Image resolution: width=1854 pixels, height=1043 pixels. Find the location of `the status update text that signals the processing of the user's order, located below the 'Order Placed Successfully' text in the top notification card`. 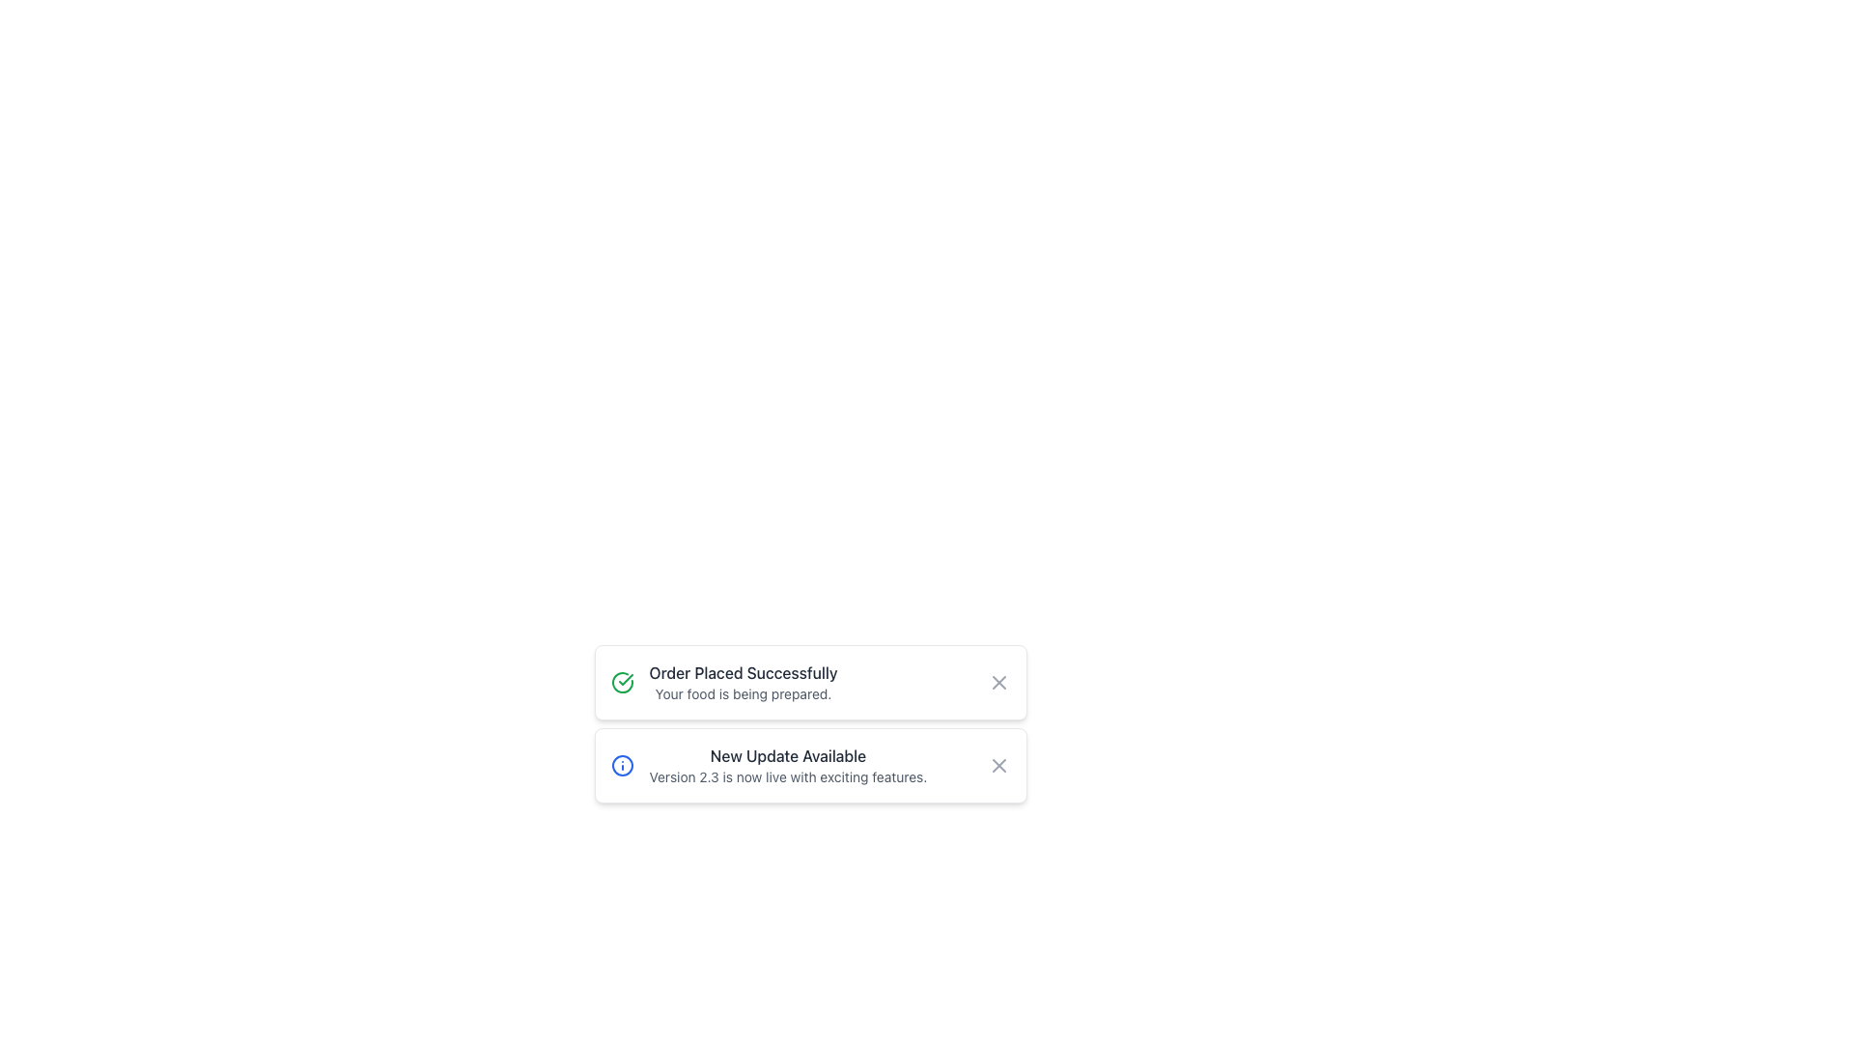

the status update text that signals the processing of the user's order, located below the 'Order Placed Successfully' text in the top notification card is located at coordinates (742, 692).